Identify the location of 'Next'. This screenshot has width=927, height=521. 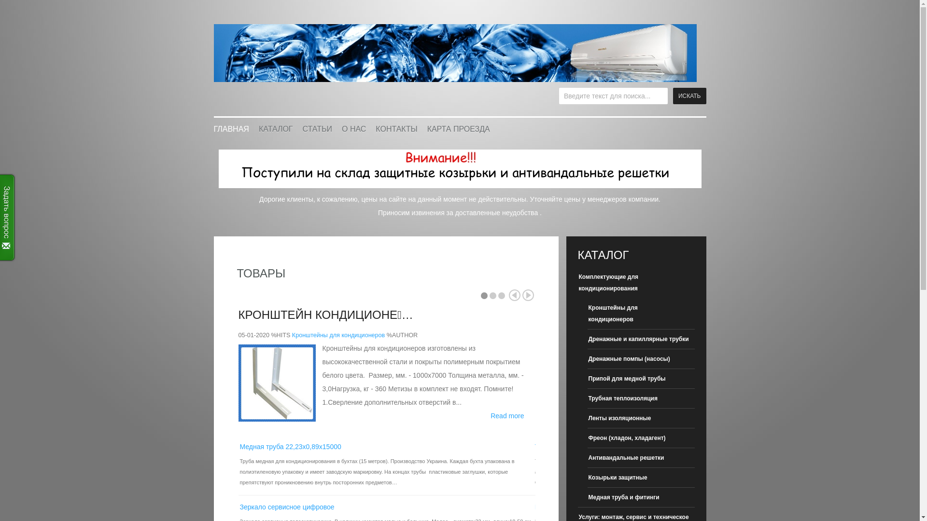
(528, 295).